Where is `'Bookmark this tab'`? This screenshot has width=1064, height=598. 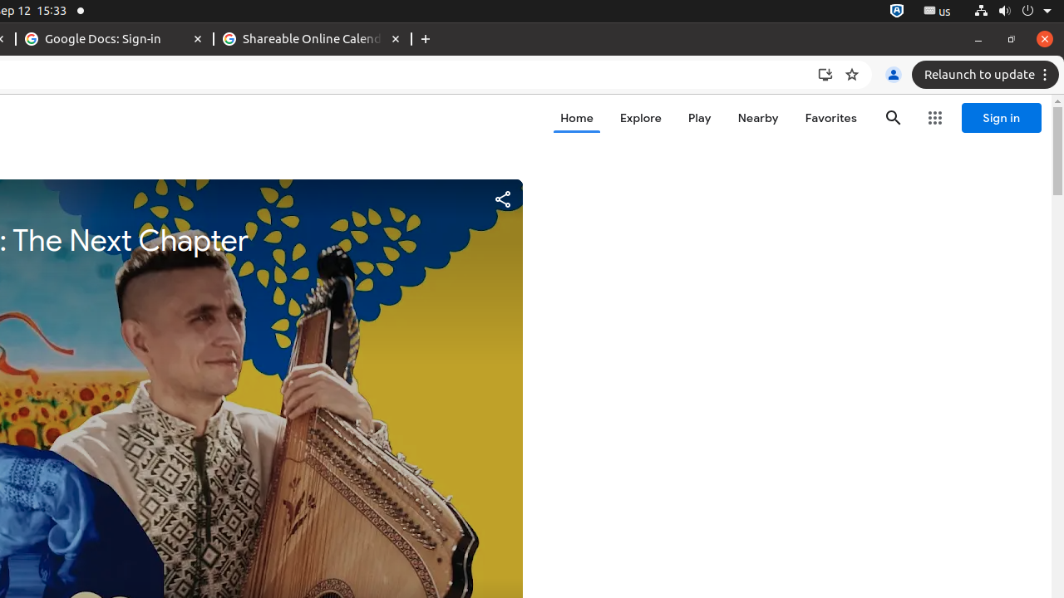 'Bookmark this tab' is located at coordinates (852, 75).